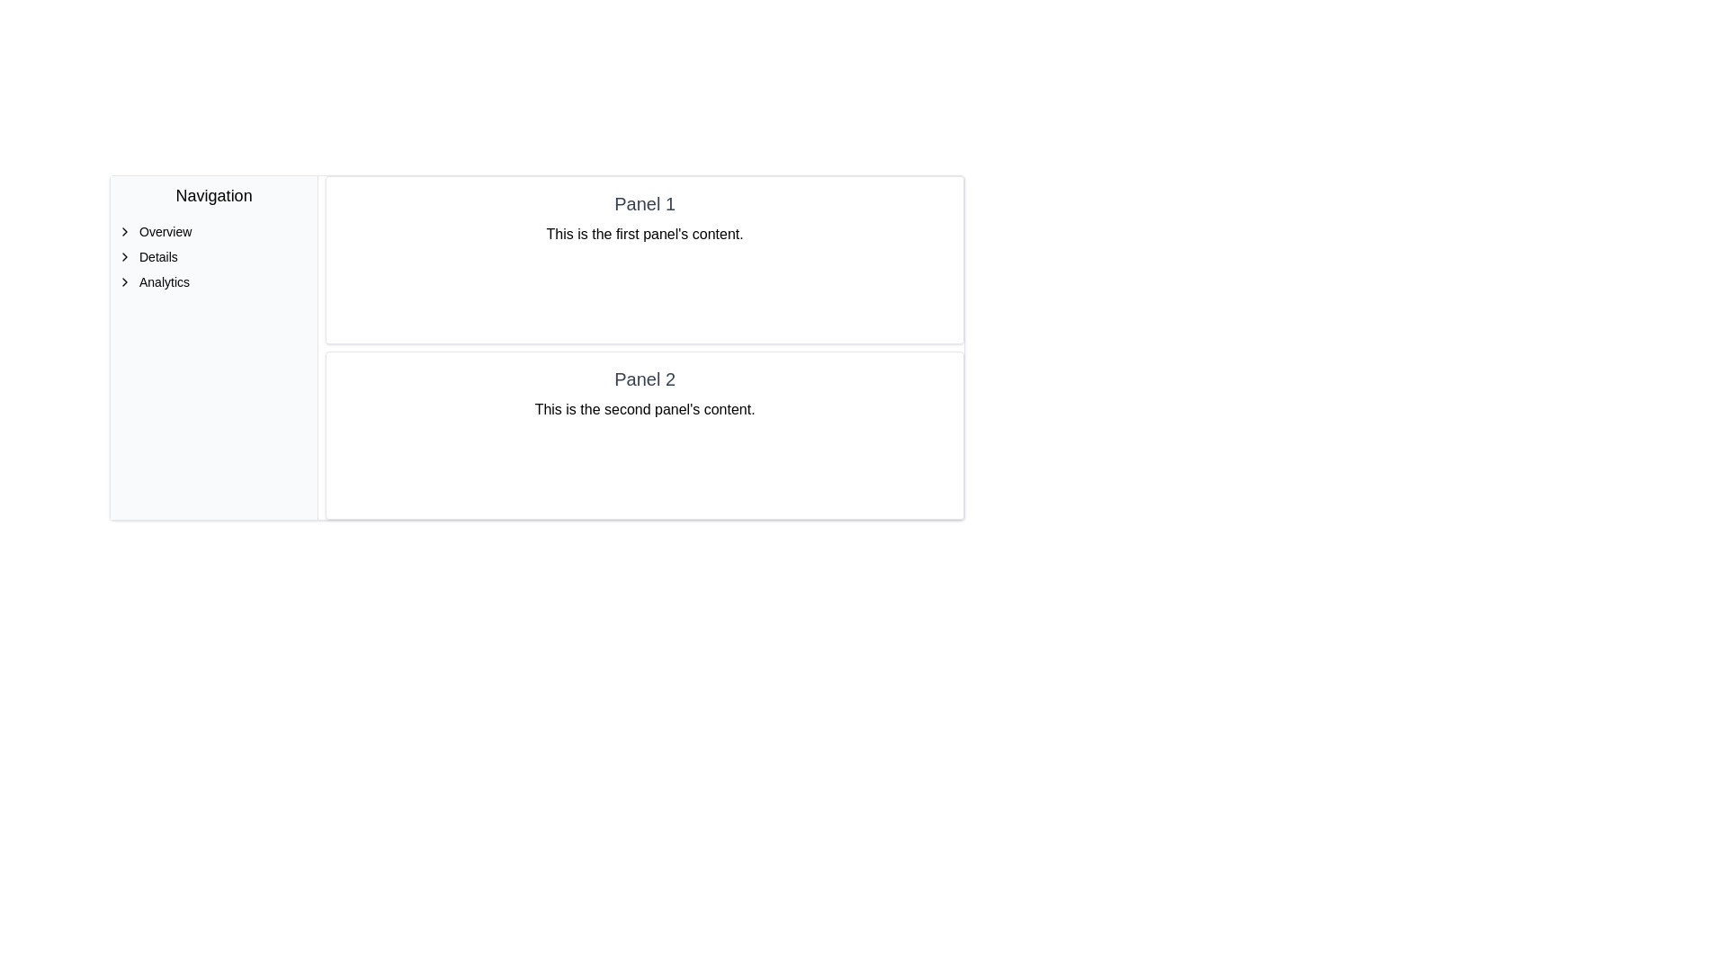  I want to click on the Informational panel labeled 'Panel 2', which contains the content 'This is the second panel's content.', so click(645, 435).